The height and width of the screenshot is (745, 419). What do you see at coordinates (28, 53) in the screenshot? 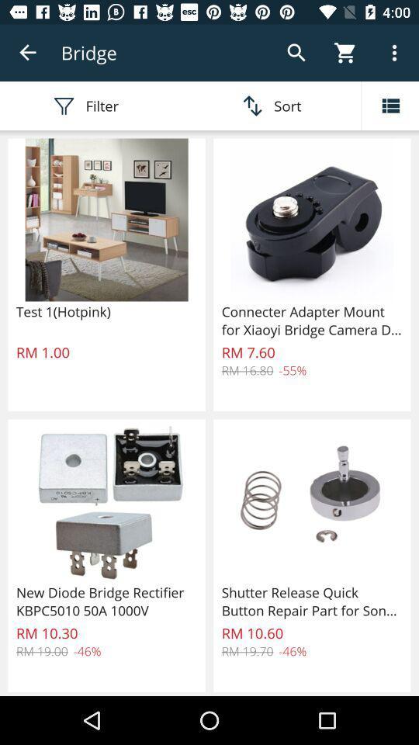
I see `return to search` at bounding box center [28, 53].